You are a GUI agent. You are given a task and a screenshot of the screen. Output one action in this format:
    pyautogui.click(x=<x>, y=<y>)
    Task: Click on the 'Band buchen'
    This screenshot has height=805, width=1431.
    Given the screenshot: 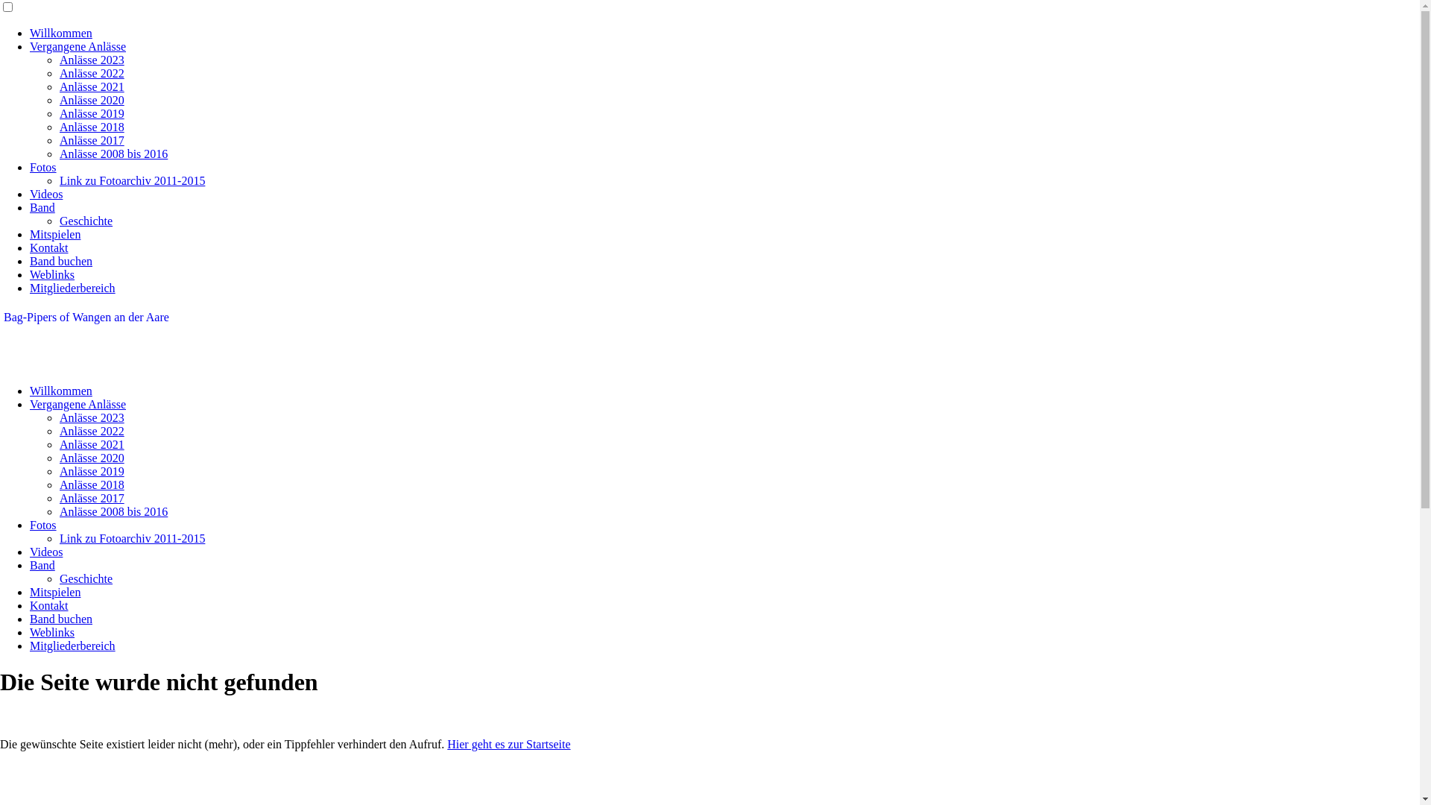 What is the action you would take?
    pyautogui.click(x=60, y=619)
    